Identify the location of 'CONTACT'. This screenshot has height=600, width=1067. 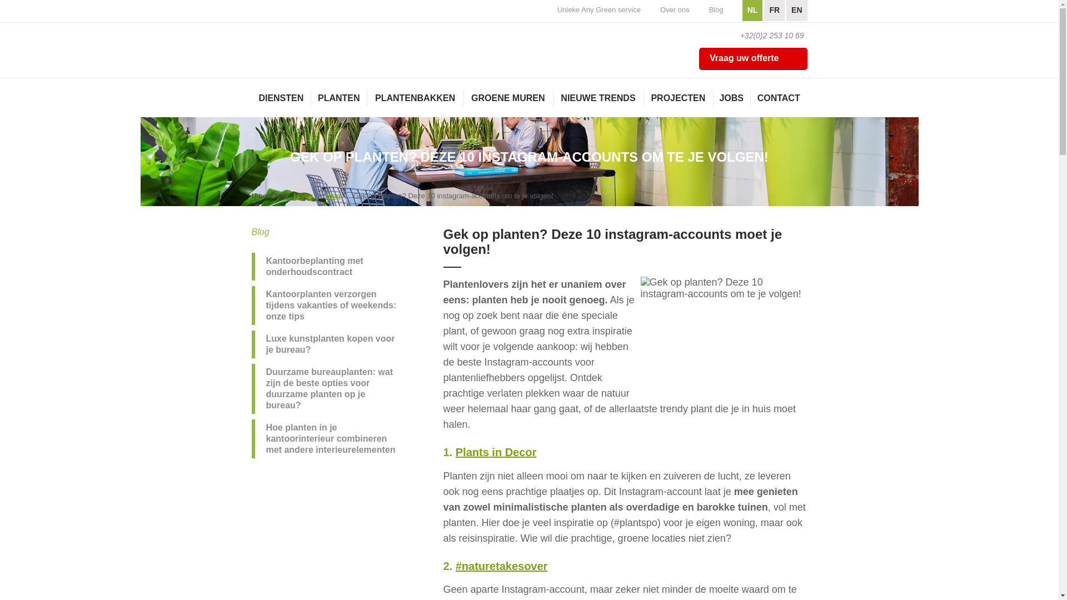
(750, 103).